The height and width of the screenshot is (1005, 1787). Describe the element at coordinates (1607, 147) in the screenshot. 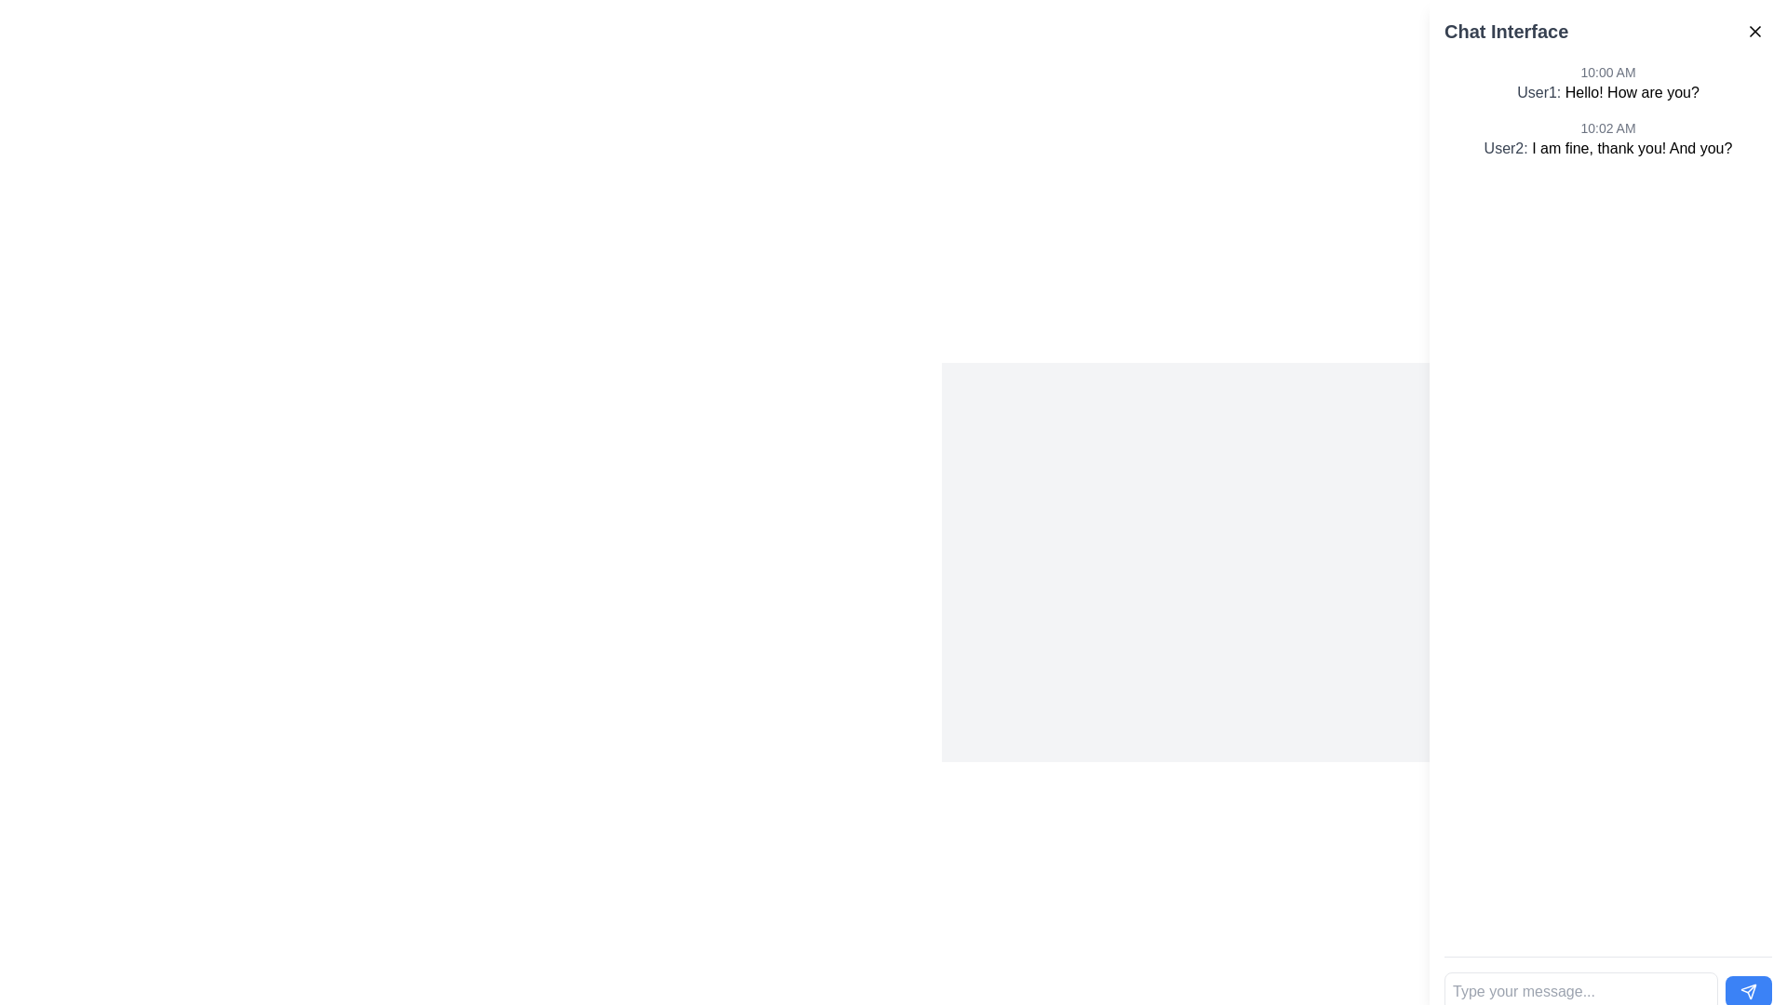

I see `the text message component displaying 'User2: I am fine, thank you! And you?' in the chat interface, which is aligned to the right and positioned below the timestamp '10:02 AM'` at that location.